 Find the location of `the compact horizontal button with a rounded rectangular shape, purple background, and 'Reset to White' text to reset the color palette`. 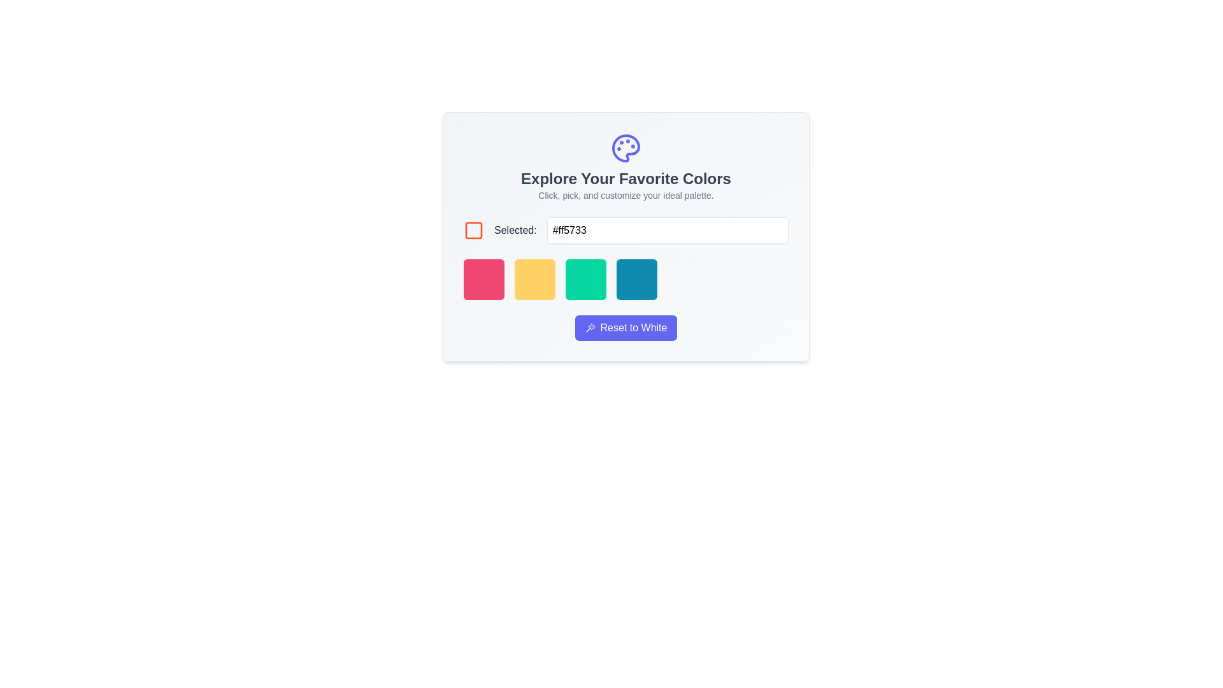

the compact horizontal button with a rounded rectangular shape, purple background, and 'Reset to White' text to reset the color palette is located at coordinates (626, 327).